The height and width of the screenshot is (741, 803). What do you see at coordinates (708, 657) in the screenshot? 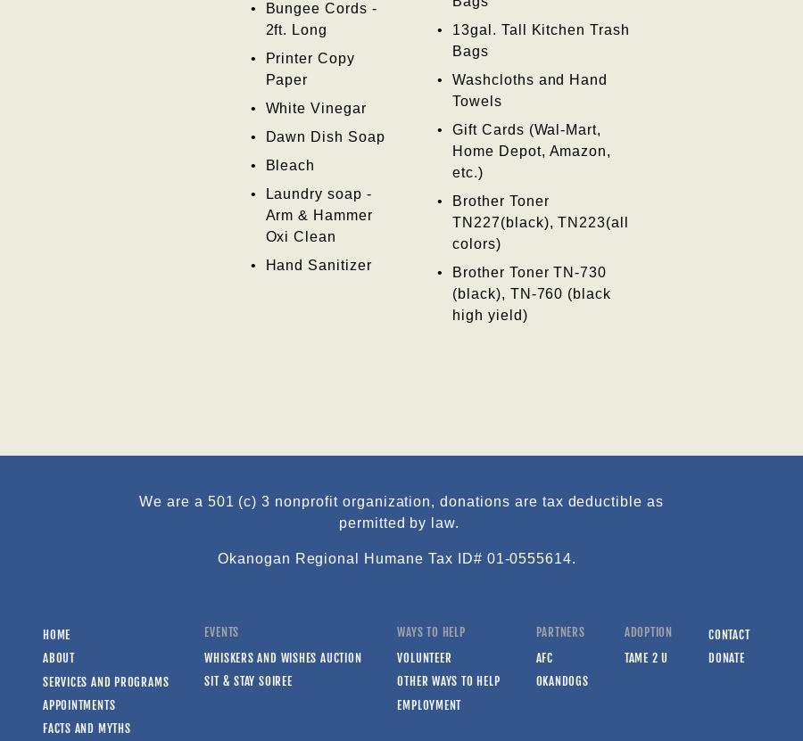
I see `'Donate'` at bounding box center [708, 657].